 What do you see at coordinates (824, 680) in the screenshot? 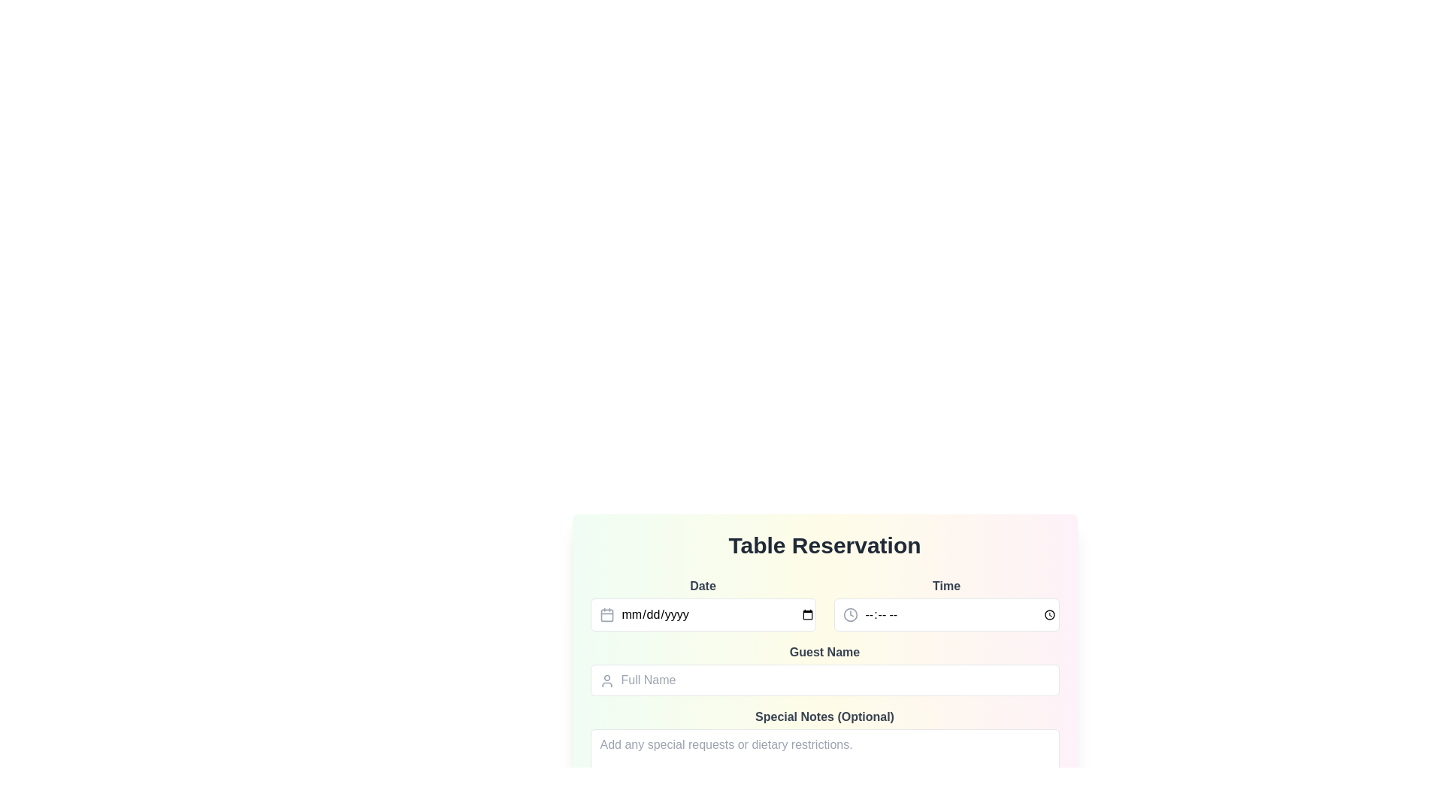
I see `the text input field for 'Full Name' under the 'Guest Name' heading by tabbing to this field` at bounding box center [824, 680].